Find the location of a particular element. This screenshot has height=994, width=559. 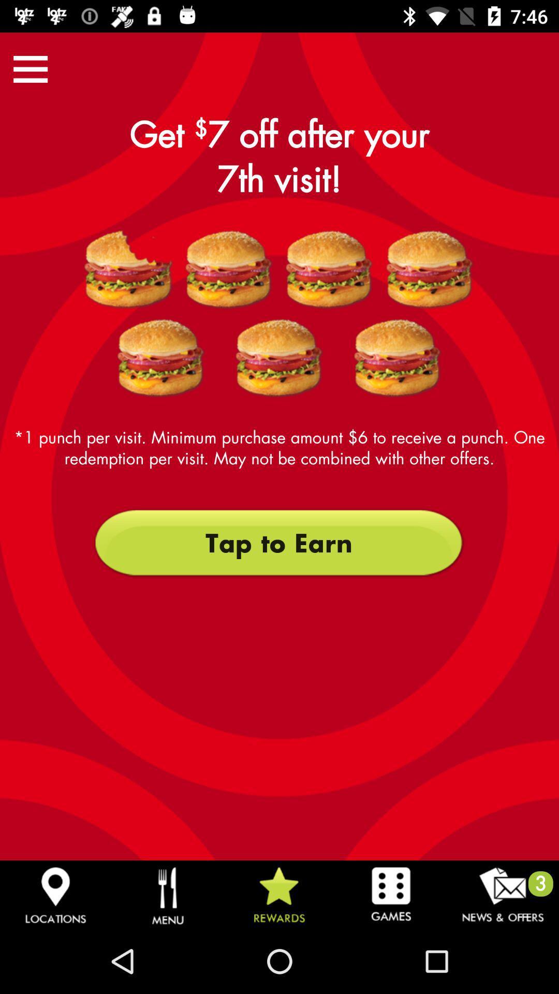

the icon next to get 7 off is located at coordinates (30, 68).